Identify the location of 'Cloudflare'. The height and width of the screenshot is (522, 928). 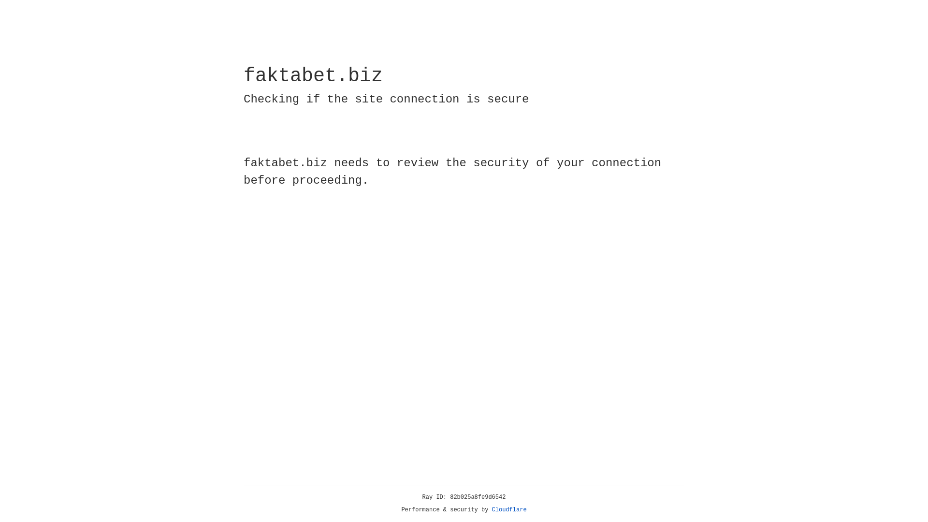
(509, 509).